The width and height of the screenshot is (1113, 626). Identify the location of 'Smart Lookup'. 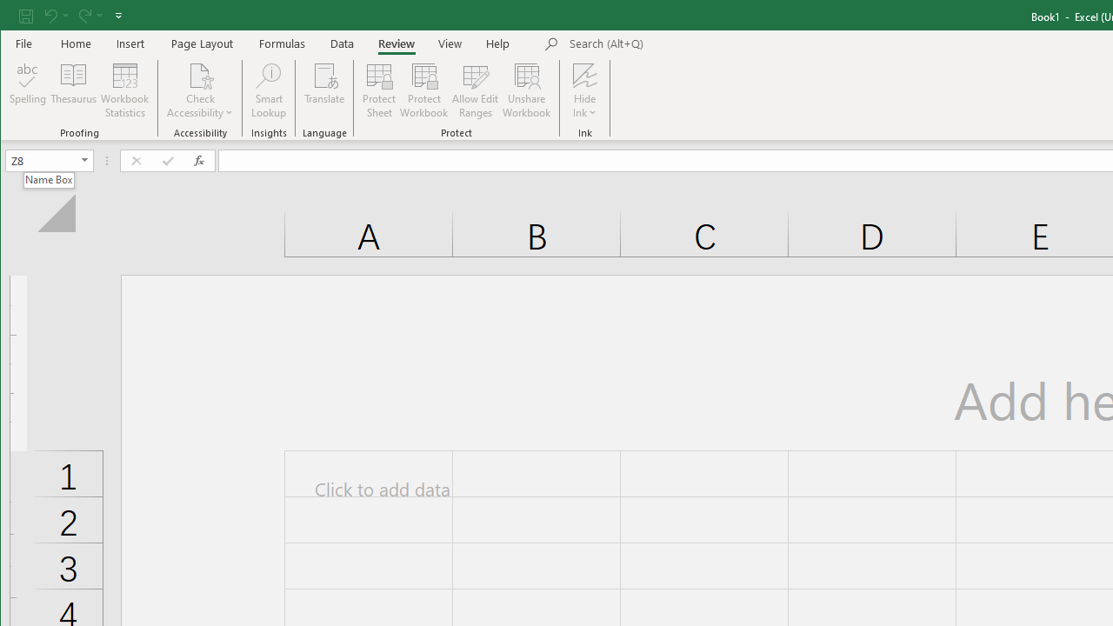
(268, 90).